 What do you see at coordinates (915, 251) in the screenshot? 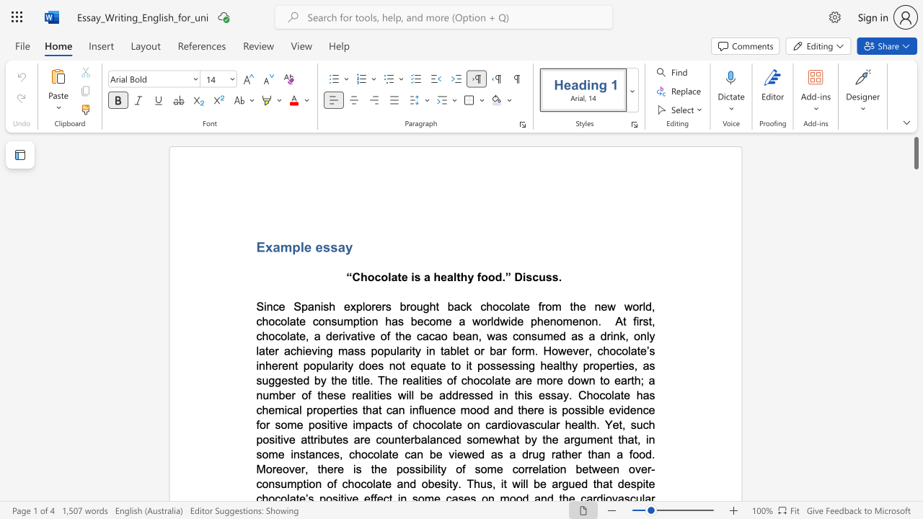
I see `the vertical scrollbar to lower the page content` at bounding box center [915, 251].